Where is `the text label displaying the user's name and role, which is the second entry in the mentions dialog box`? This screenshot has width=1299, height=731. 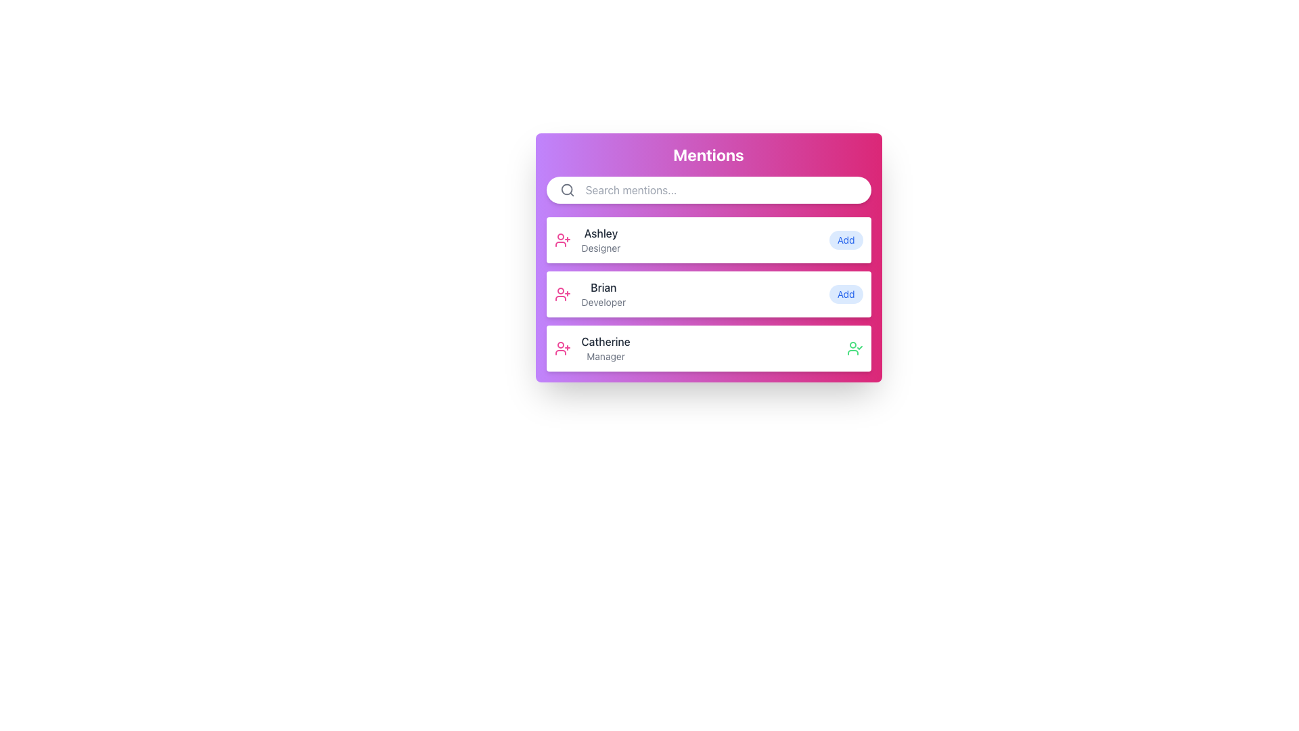
the text label displaying the user's name and role, which is the second entry in the mentions dialog box is located at coordinates (603, 294).